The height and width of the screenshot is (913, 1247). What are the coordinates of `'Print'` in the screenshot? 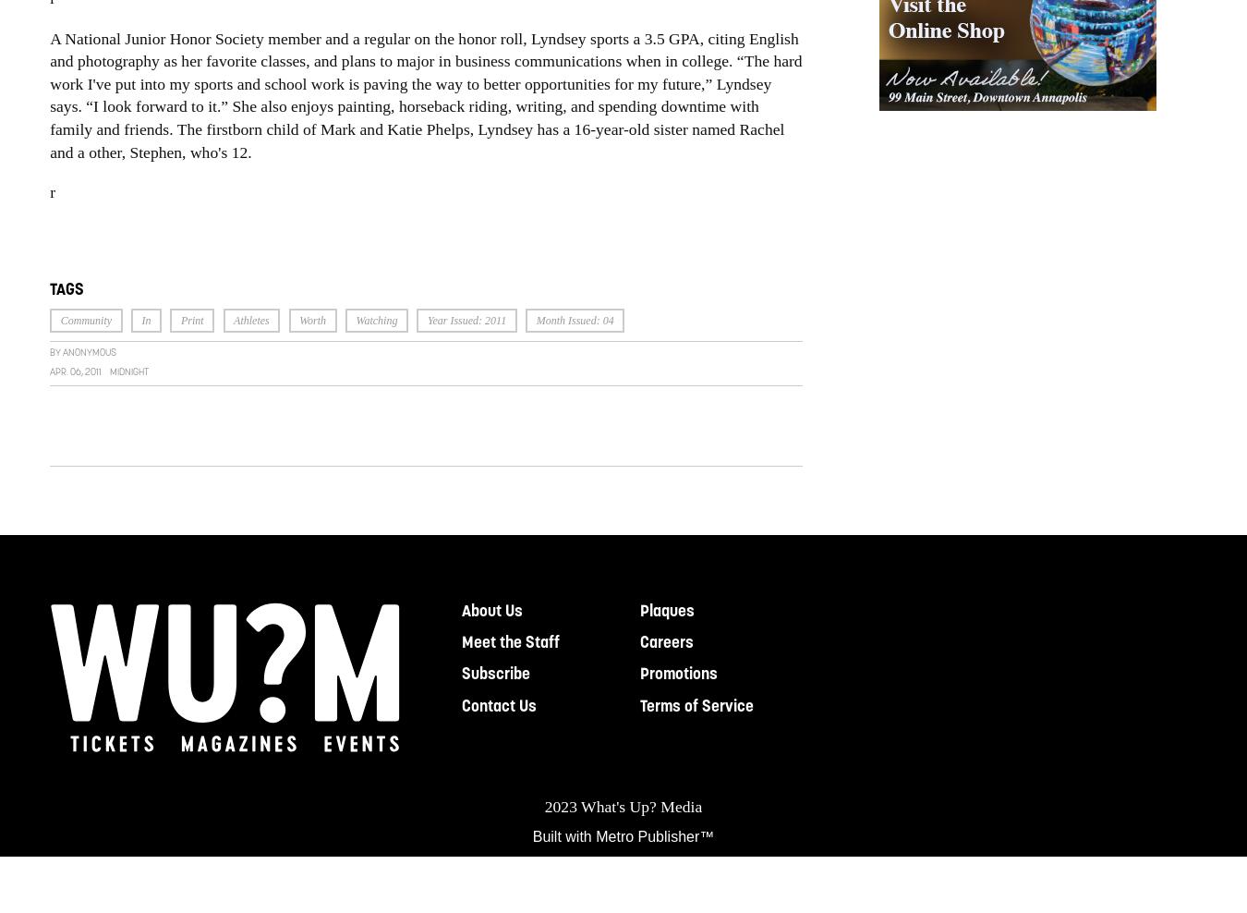 It's located at (181, 319).